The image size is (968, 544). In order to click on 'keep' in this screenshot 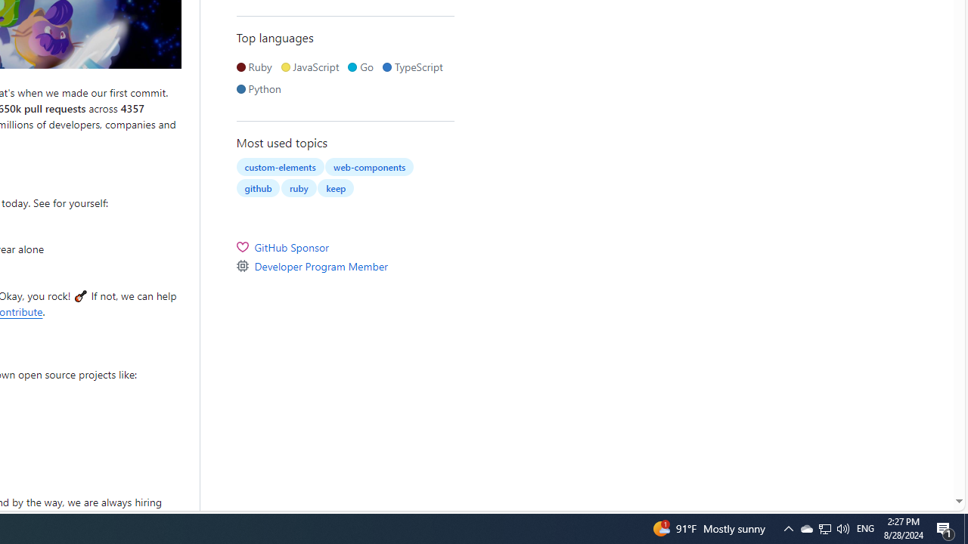, I will do `click(335, 187)`.